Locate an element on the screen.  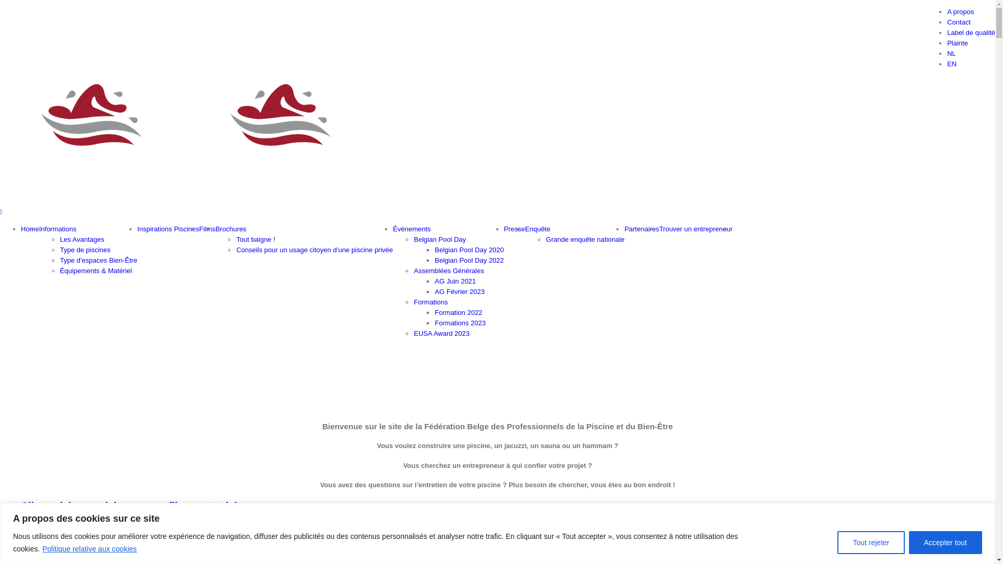
'Les Avantages' is located at coordinates (81, 239).